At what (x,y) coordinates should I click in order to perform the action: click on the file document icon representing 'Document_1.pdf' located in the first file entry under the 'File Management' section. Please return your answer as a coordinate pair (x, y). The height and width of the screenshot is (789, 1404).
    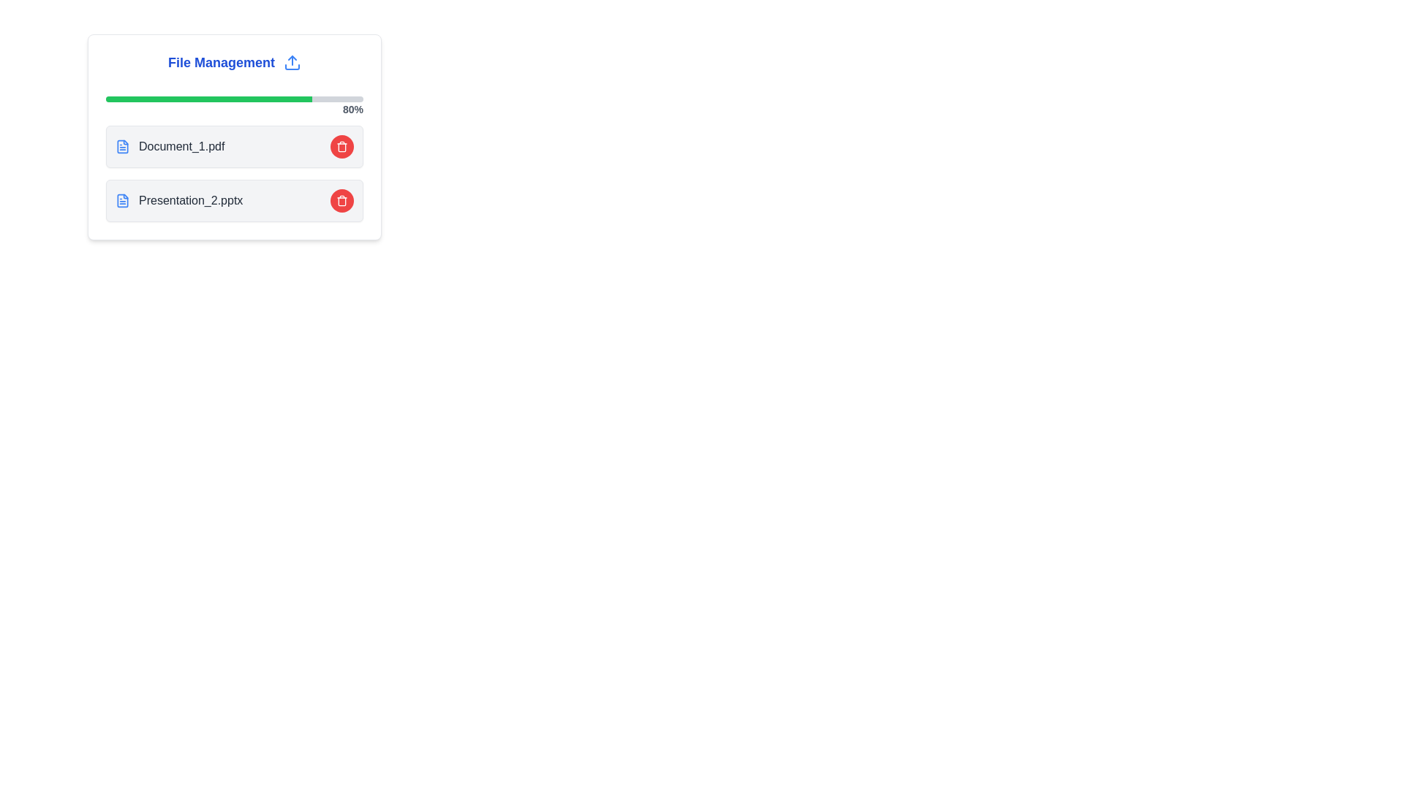
    Looking at the image, I should click on (123, 146).